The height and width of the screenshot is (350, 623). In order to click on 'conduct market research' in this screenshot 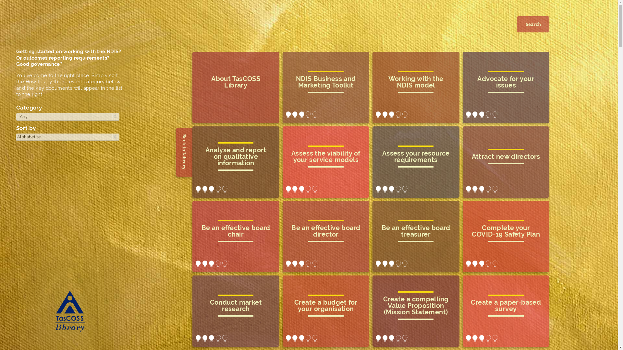, I will do `click(235, 311)`.